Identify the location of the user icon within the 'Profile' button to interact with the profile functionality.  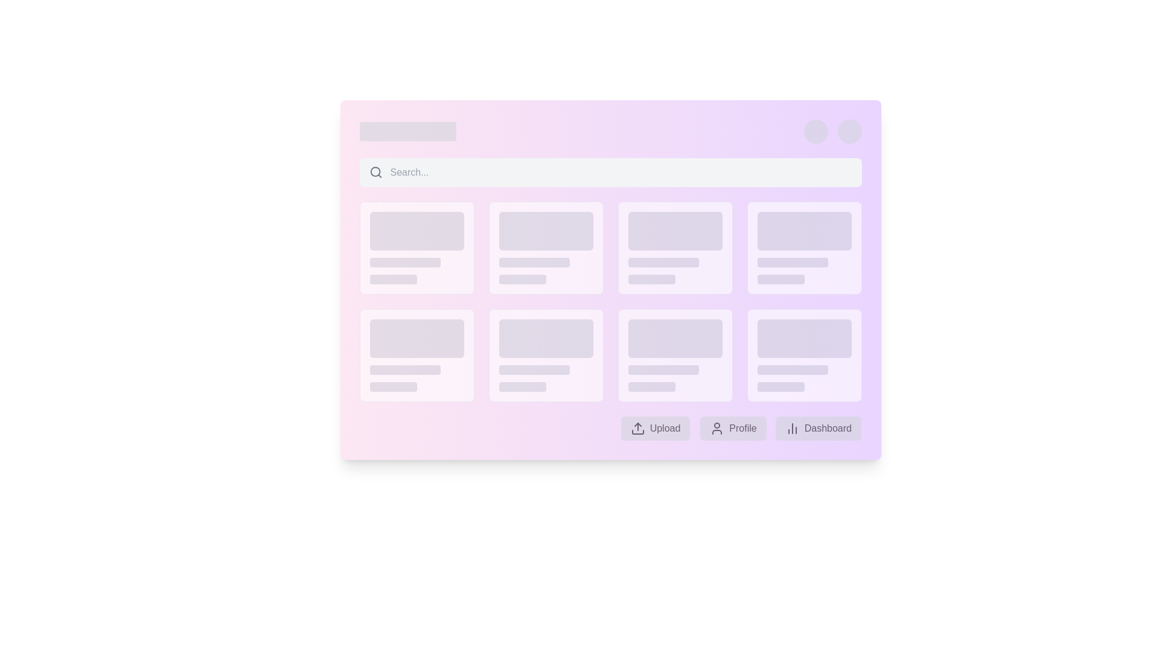
(717, 427).